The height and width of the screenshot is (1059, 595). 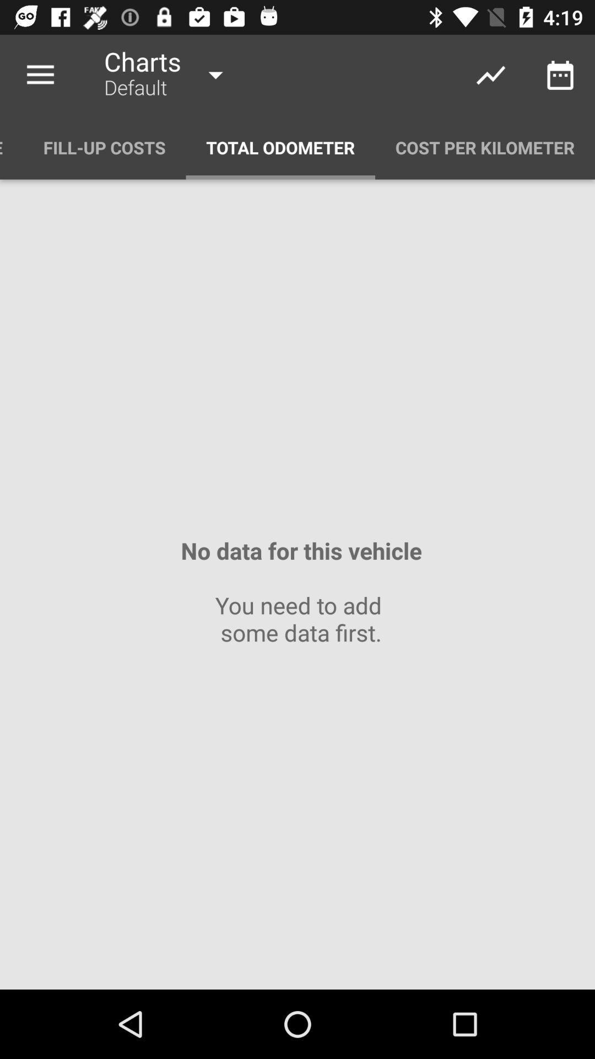 What do you see at coordinates (11, 147) in the screenshot?
I see `the icon to the left of the fill-up costs item` at bounding box center [11, 147].